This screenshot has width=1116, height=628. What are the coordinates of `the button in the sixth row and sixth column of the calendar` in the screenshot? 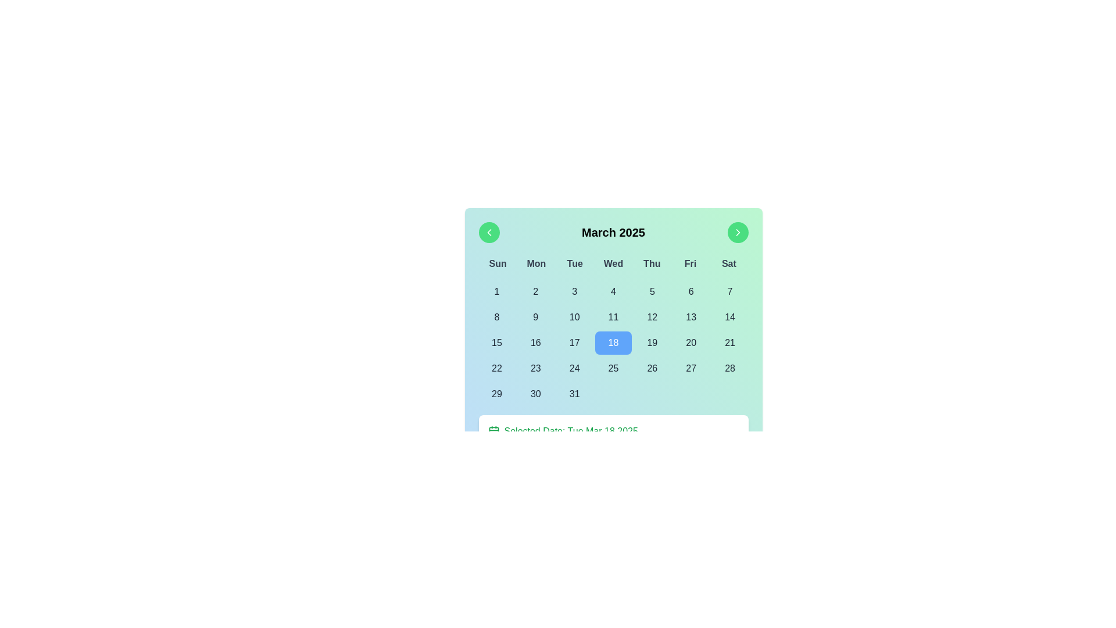 It's located at (691, 368).